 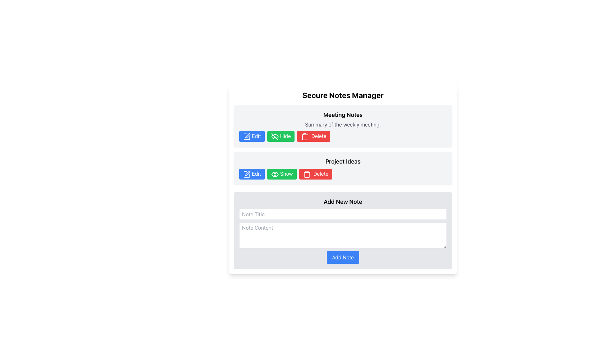 I want to click on the SVG icon within the second button of the 'Meeting Notes' section to hide the corresponding content, so click(x=275, y=136).